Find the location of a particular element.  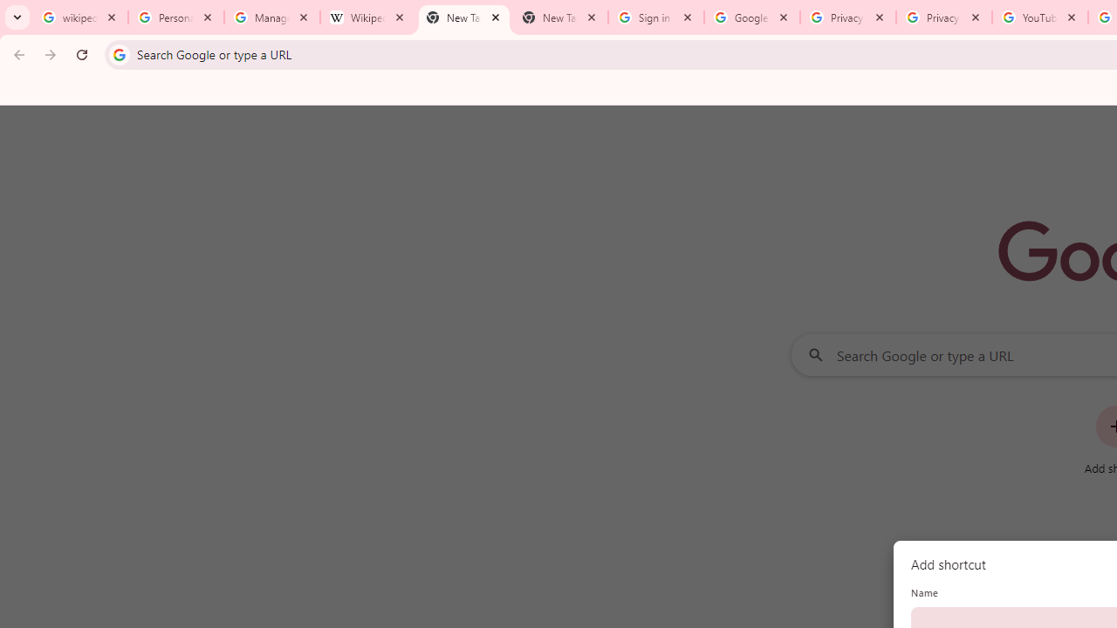

'Google Drive: Sign-in' is located at coordinates (751, 17).